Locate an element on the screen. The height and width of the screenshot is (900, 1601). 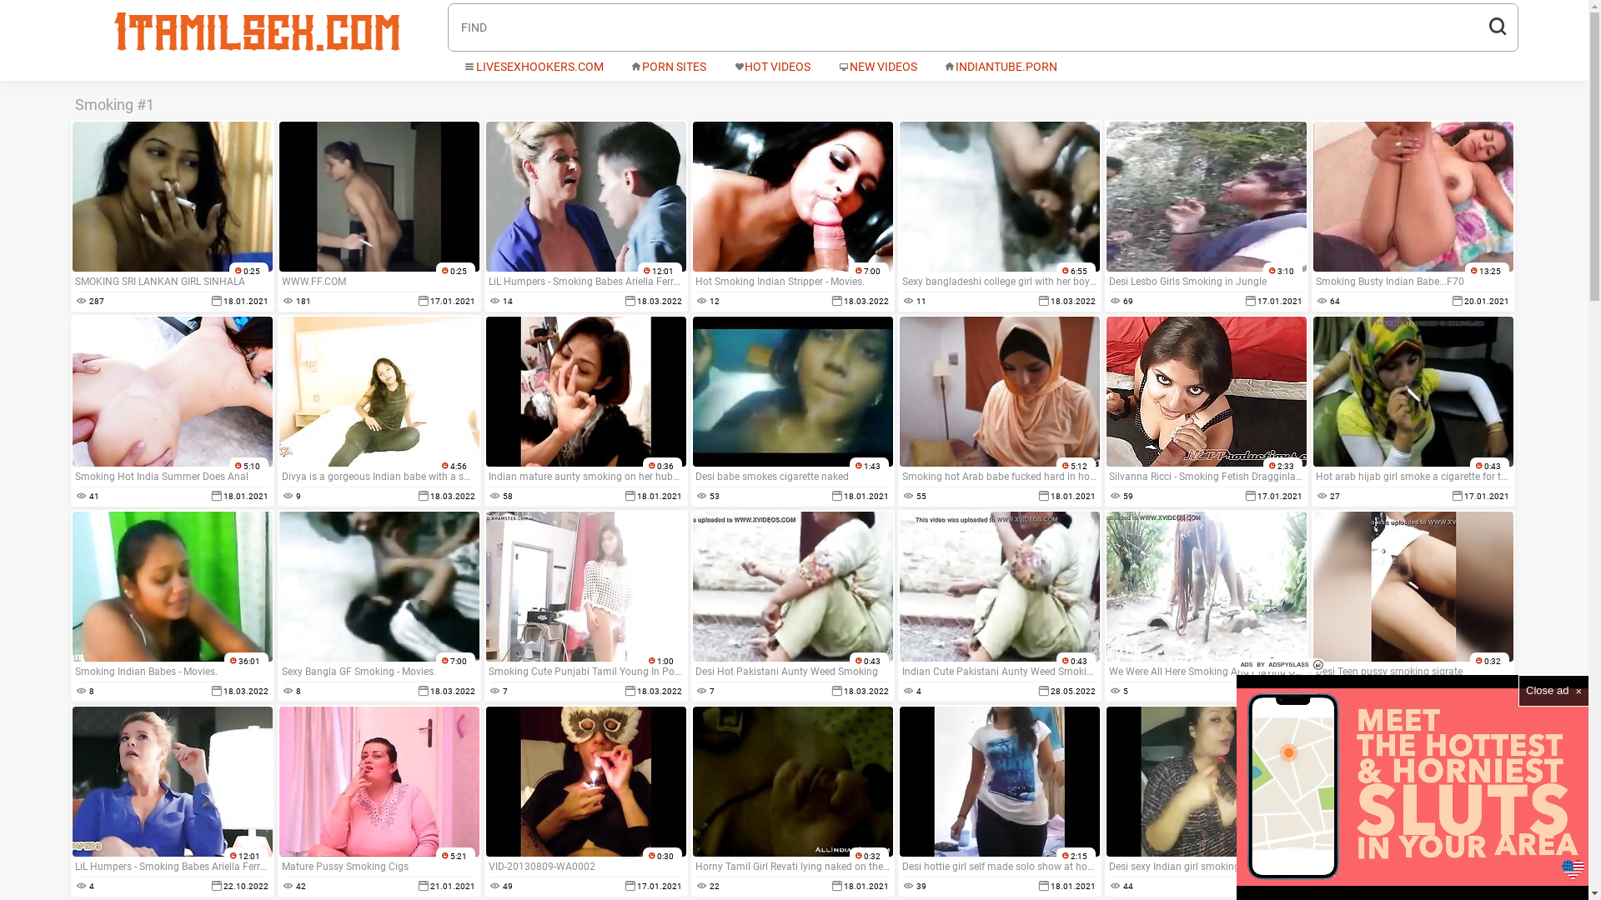
'0:43 is located at coordinates (999, 605).